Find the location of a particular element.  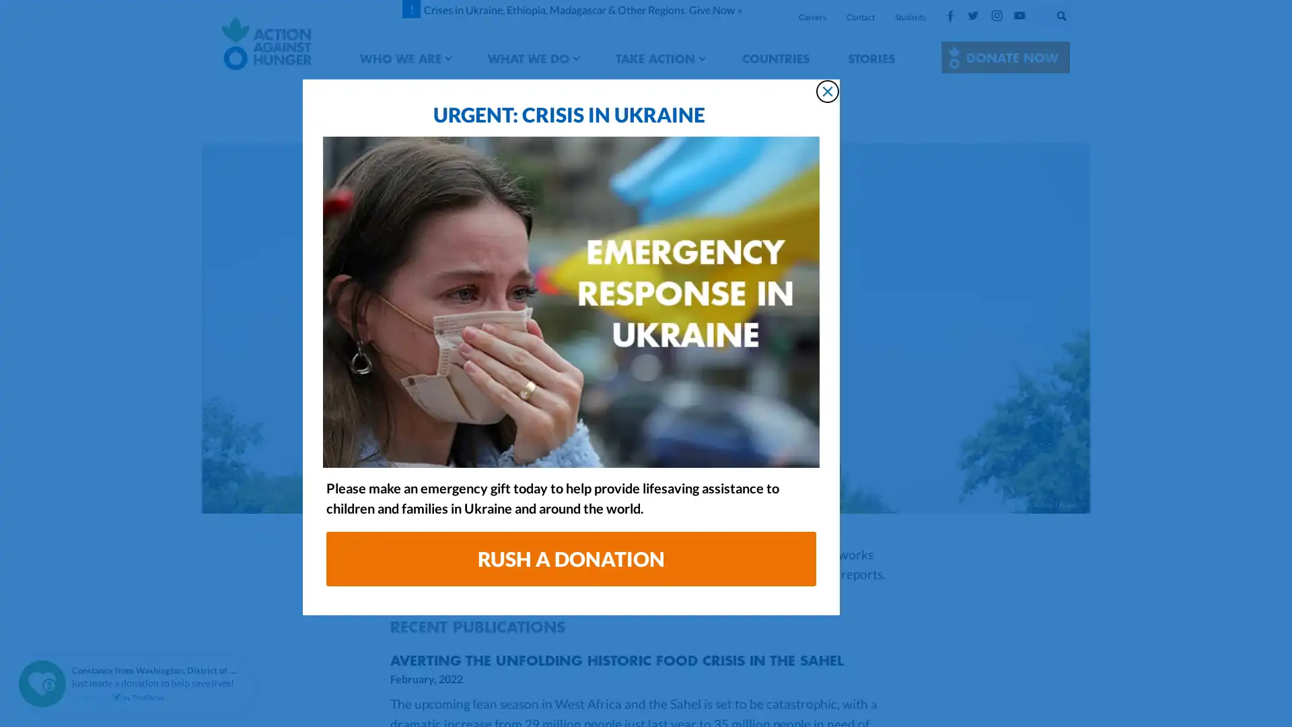

Close is located at coordinates (902, 106).